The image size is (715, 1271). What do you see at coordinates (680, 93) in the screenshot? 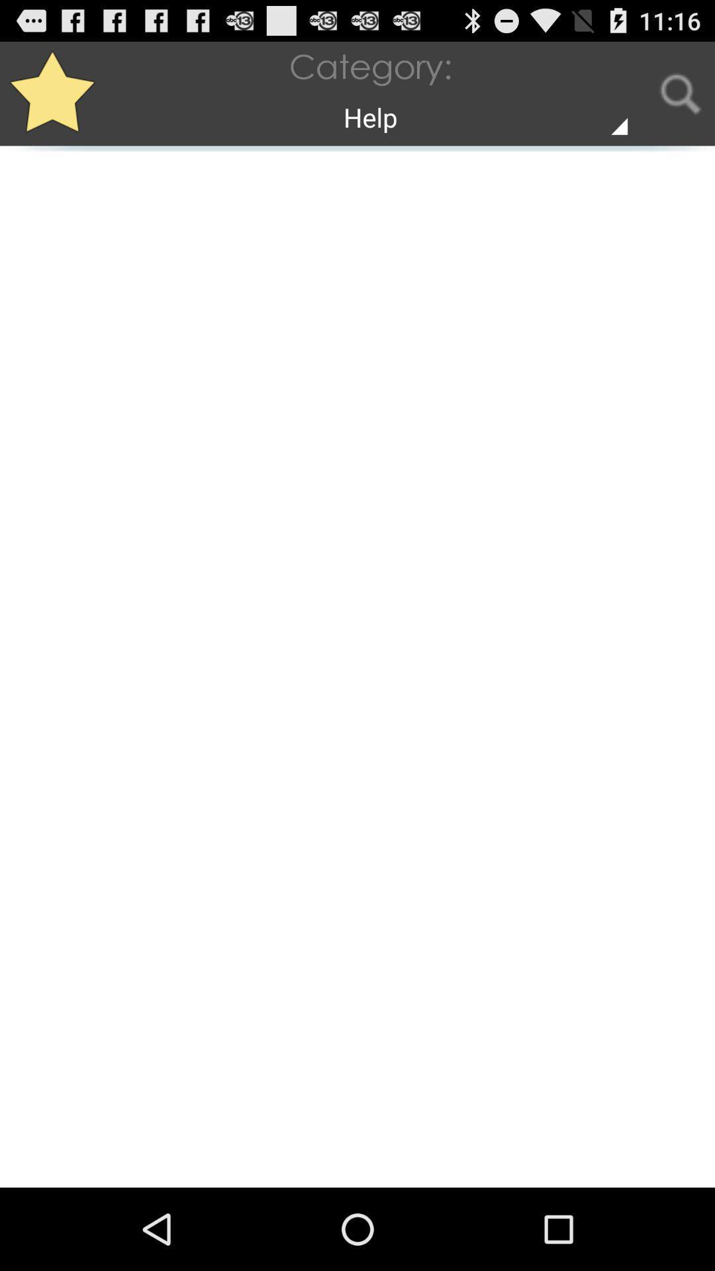
I see `start search` at bounding box center [680, 93].